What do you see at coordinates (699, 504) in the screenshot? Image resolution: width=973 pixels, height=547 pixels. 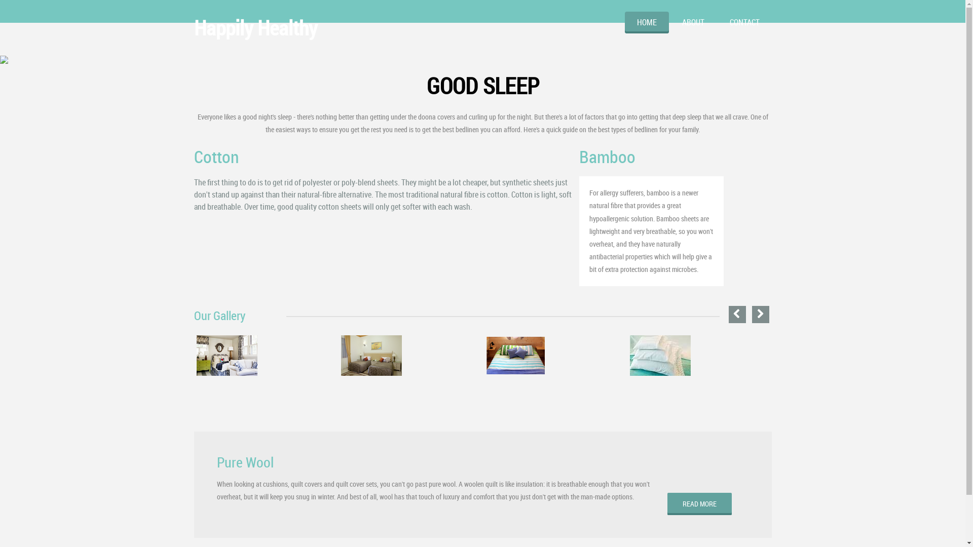 I see `'READ MORE'` at bounding box center [699, 504].